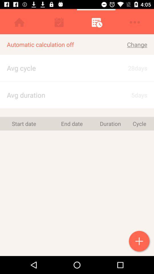 The width and height of the screenshot is (154, 274). What do you see at coordinates (54, 68) in the screenshot?
I see `the avg cycle app` at bounding box center [54, 68].